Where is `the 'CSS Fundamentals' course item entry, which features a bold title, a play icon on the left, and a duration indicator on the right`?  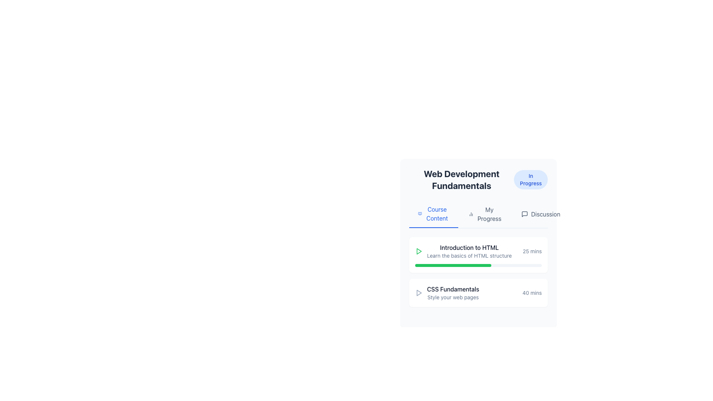 the 'CSS Fundamentals' course item entry, which features a bold title, a play icon on the left, and a duration indicator on the right is located at coordinates (478, 293).